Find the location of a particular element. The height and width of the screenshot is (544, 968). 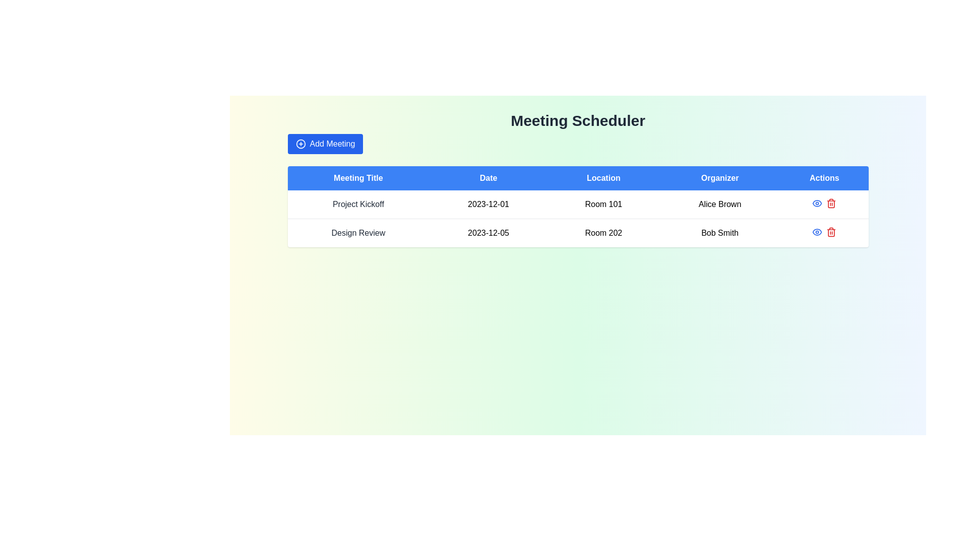

the trash can icon located in the 'Actions' column of the second row in the table is located at coordinates (831, 233).